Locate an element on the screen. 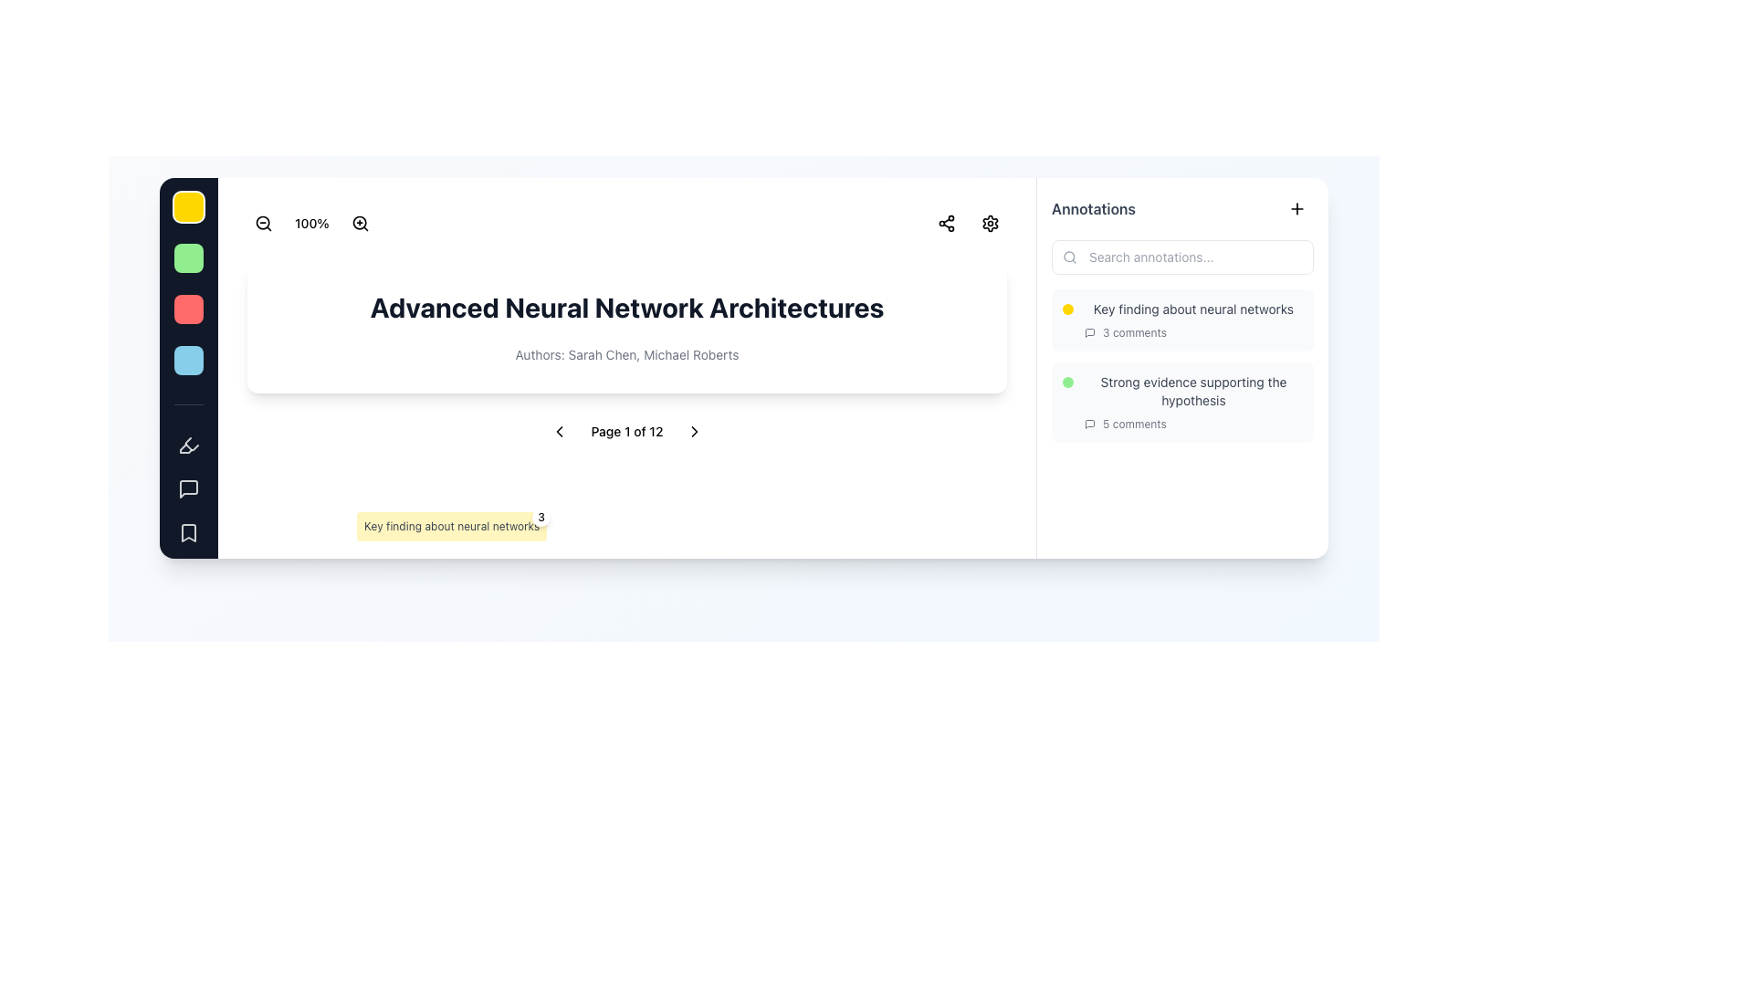 Image resolution: width=1753 pixels, height=986 pixels. the Text input field located below the 'Annotations' heading is located at coordinates (1182, 257).